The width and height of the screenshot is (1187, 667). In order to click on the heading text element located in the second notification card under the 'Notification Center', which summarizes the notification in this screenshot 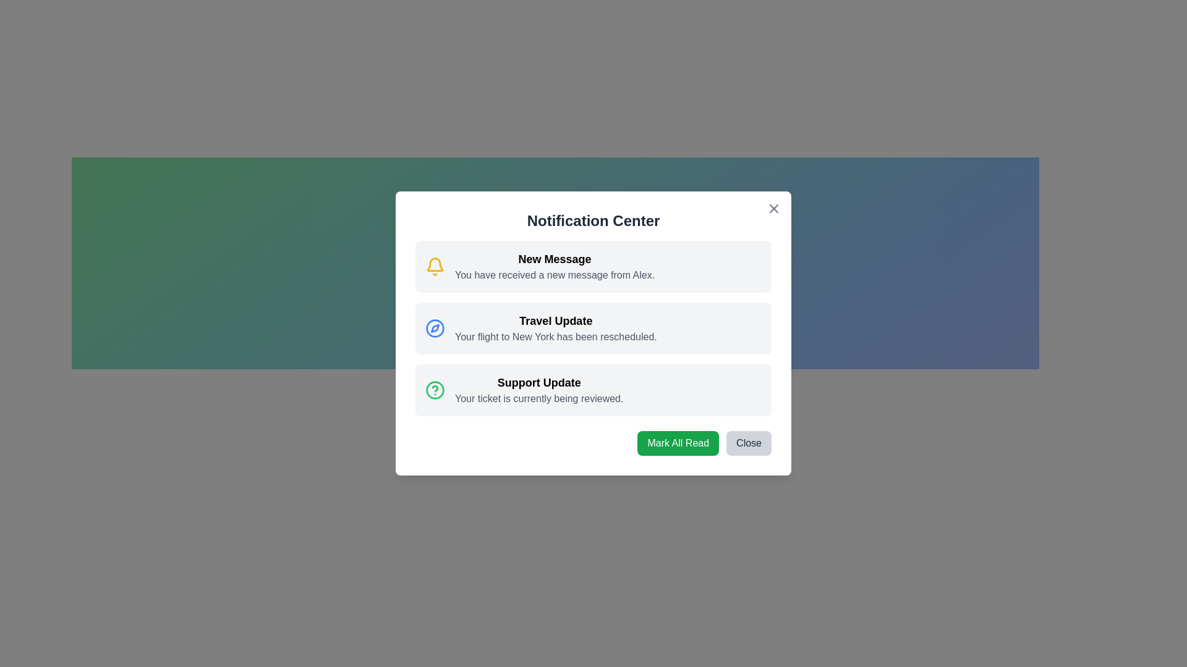, I will do `click(555, 321)`.